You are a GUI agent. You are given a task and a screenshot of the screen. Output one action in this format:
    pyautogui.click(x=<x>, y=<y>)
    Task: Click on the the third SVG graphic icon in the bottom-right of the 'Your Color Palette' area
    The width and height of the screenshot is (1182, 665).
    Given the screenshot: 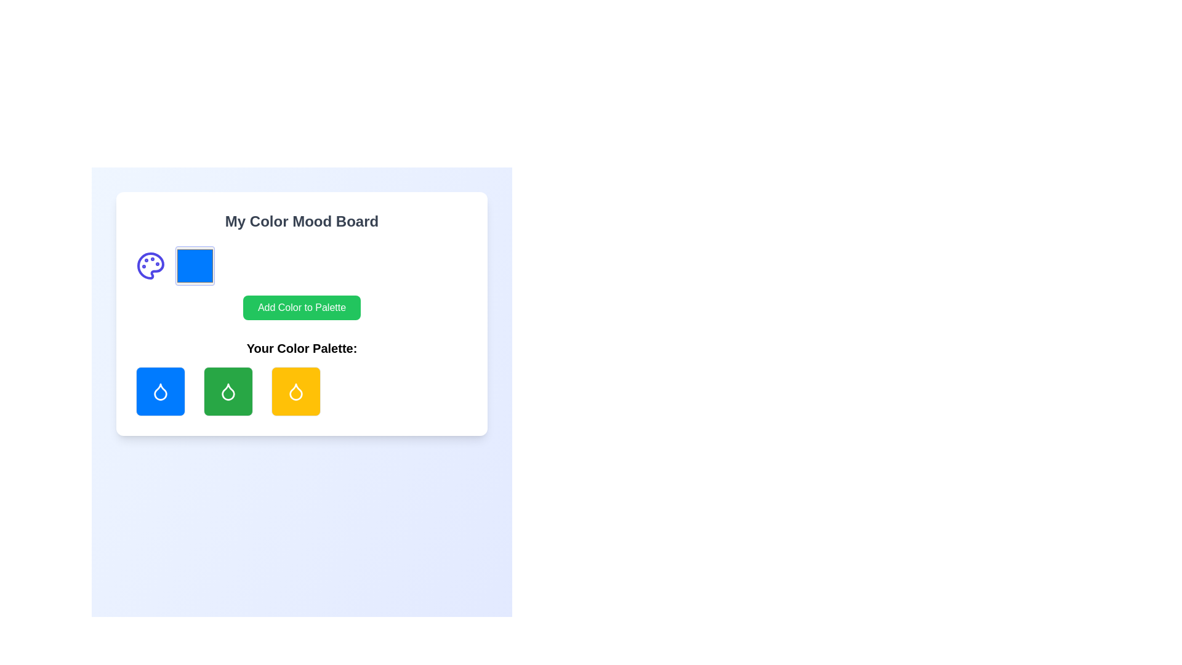 What is the action you would take?
    pyautogui.click(x=296, y=392)
    